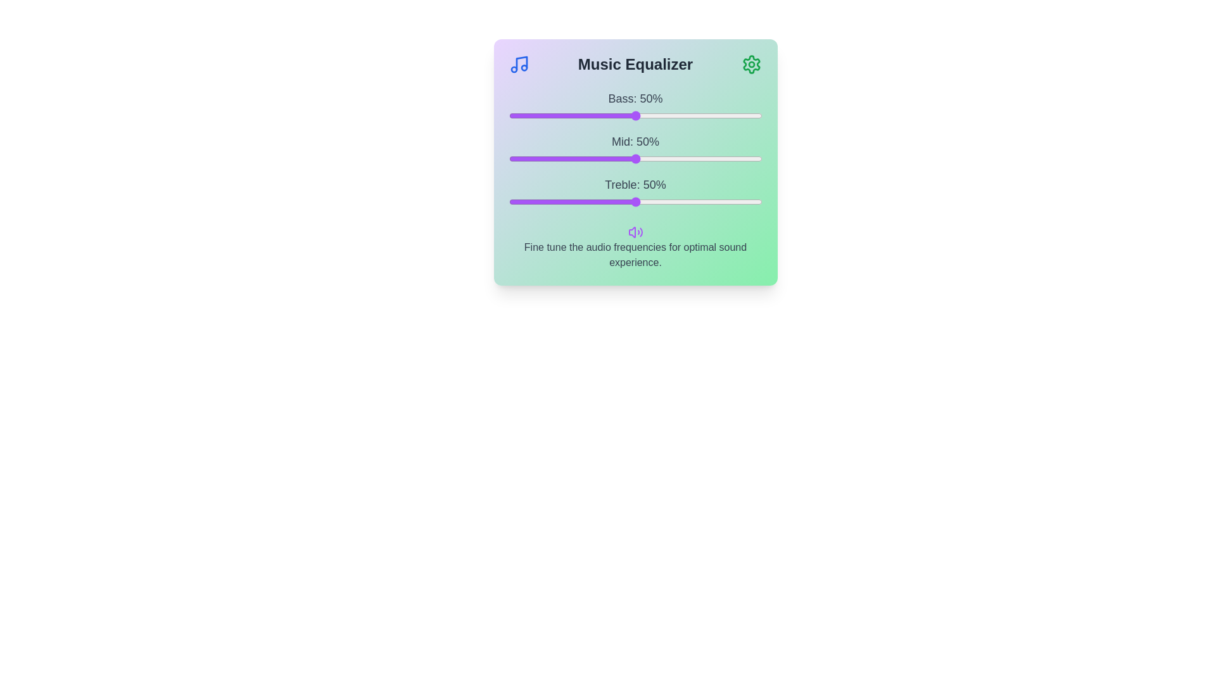 The width and height of the screenshot is (1216, 684). I want to click on the mid frequency slider to 24%, so click(569, 158).